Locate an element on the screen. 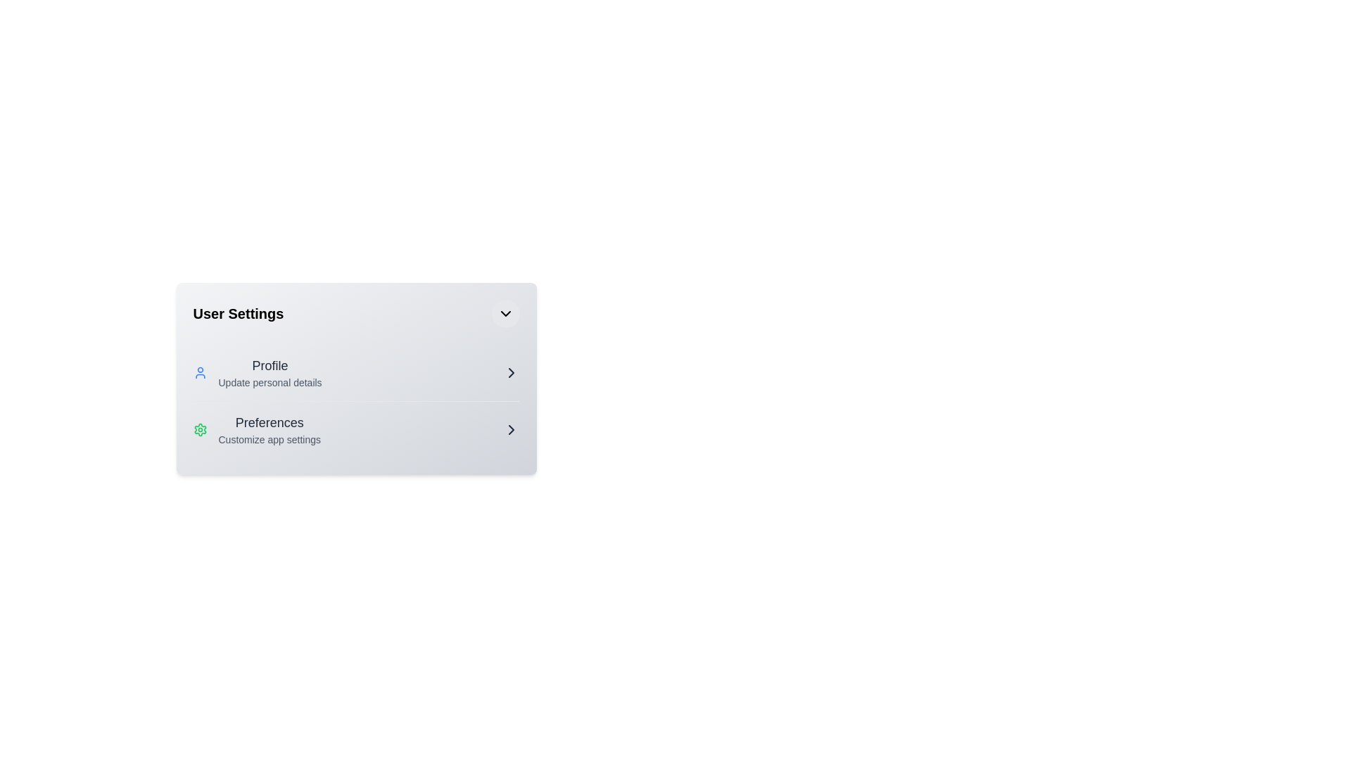 This screenshot has width=1351, height=760. the 'Preferences' settings option is located at coordinates (356, 429).